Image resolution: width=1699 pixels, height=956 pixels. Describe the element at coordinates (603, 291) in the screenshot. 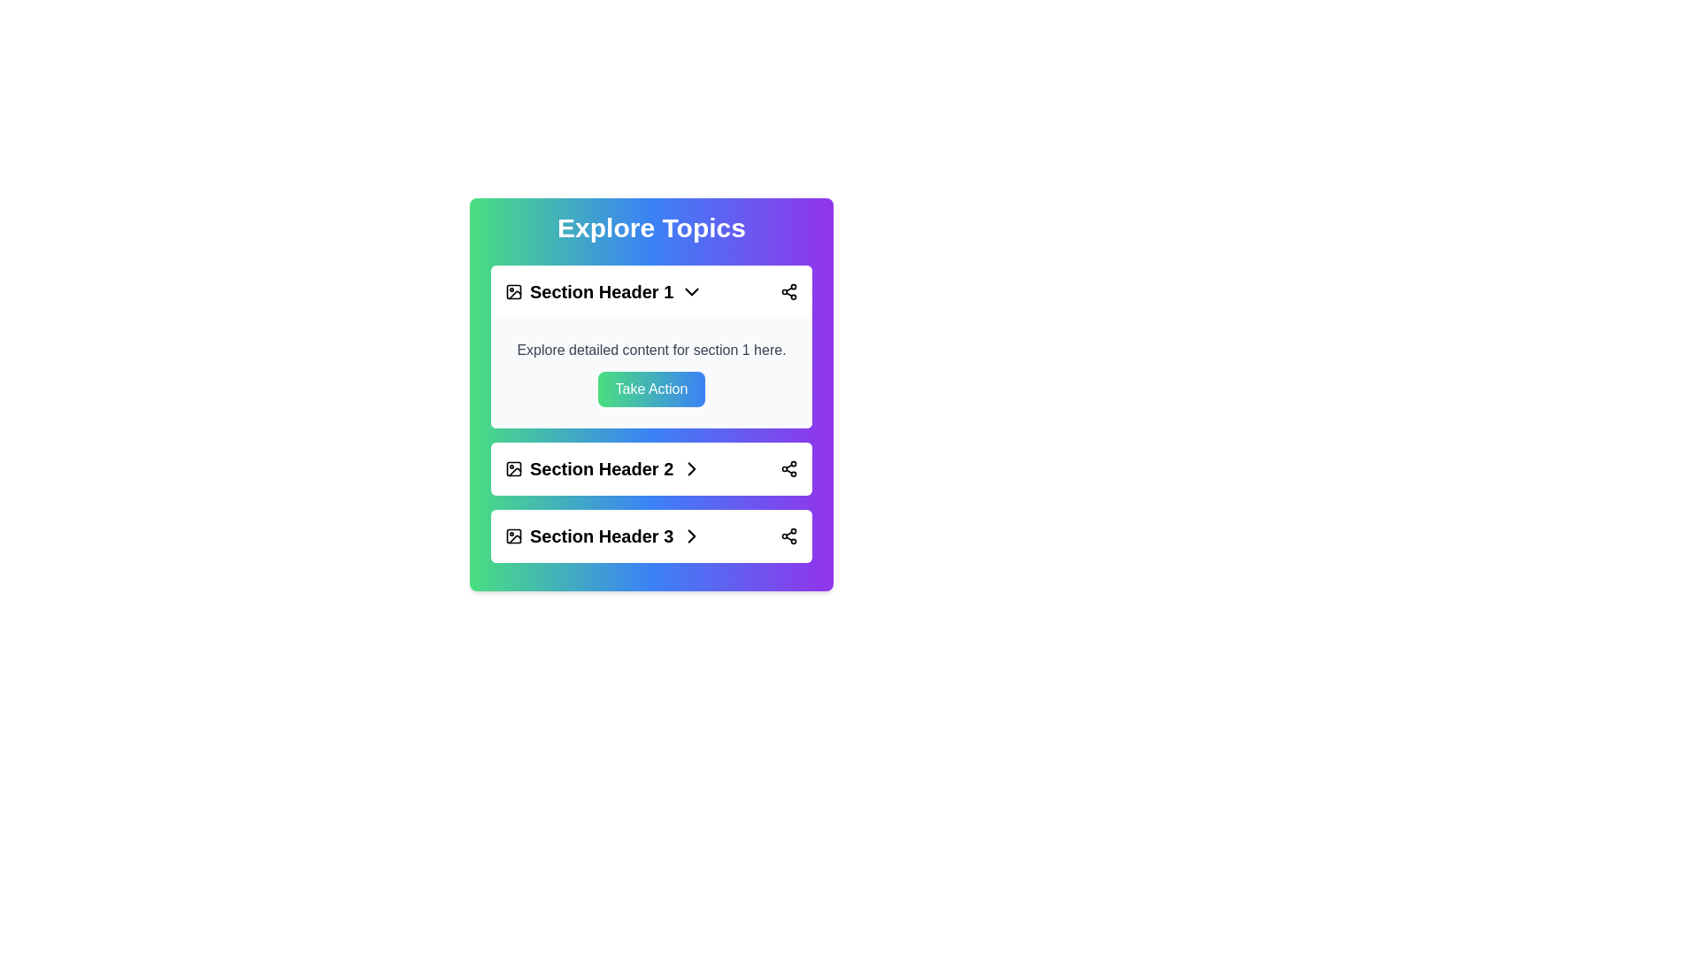

I see `the text element displaying 'Section Header 1' and its adjacent icons for further actions` at that location.